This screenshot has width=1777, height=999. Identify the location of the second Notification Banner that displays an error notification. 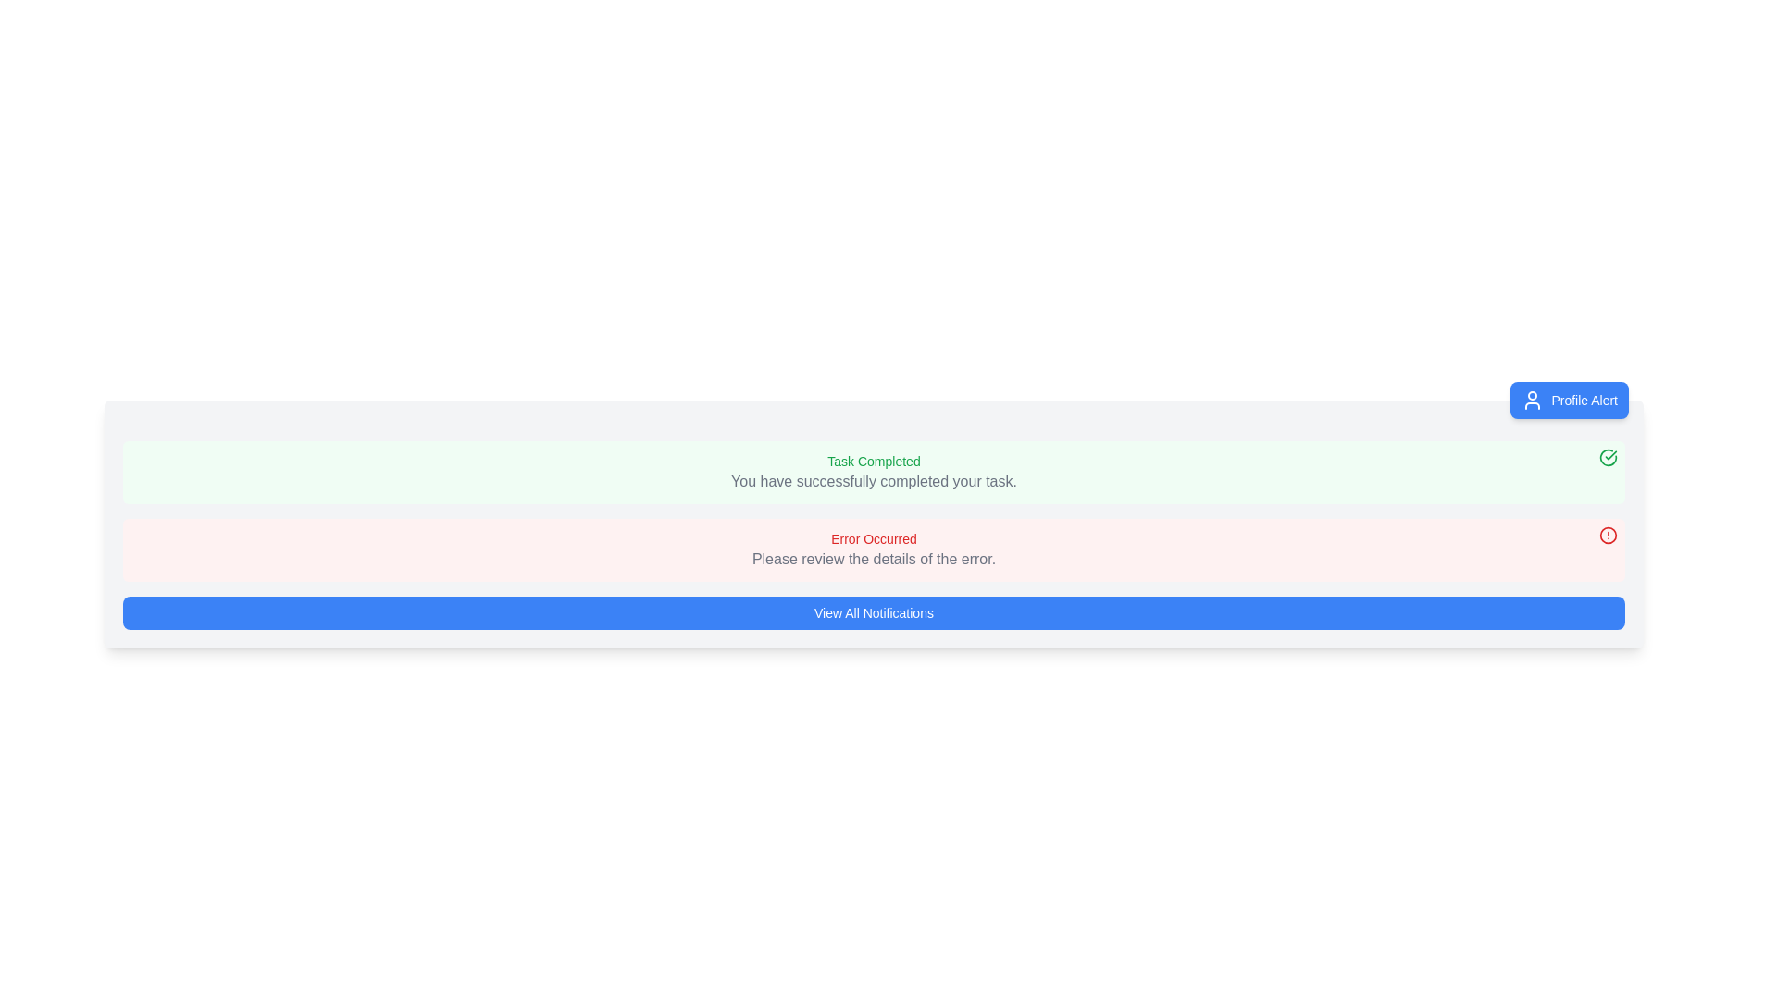
(873, 549).